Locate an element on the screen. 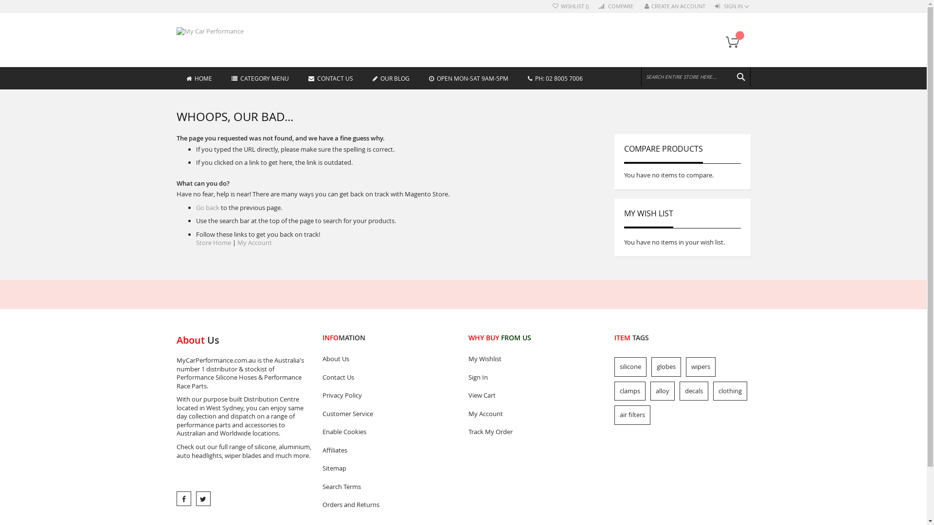 The height and width of the screenshot is (525, 934). 'SEARCH' is located at coordinates (739, 76).